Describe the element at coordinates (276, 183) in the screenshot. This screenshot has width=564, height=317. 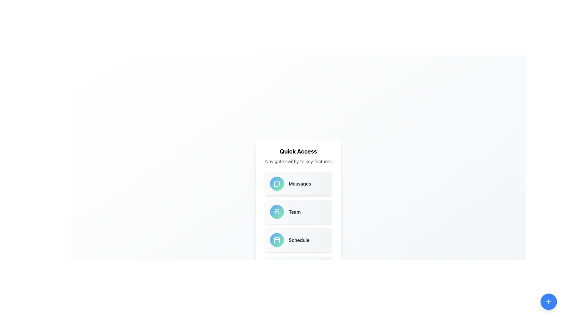
I see `the 'Messages' Icon Button` at that location.